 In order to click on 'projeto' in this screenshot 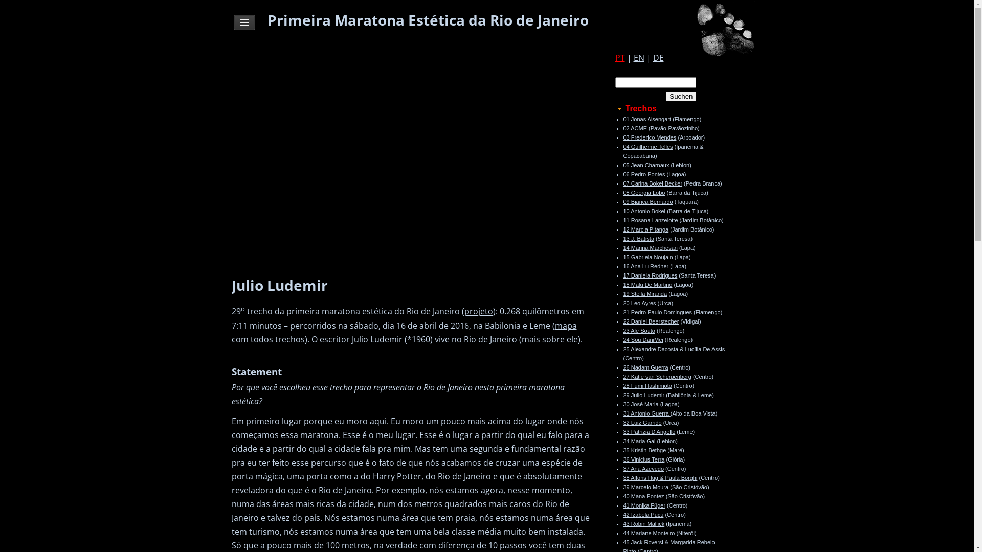, I will do `click(478, 311)`.